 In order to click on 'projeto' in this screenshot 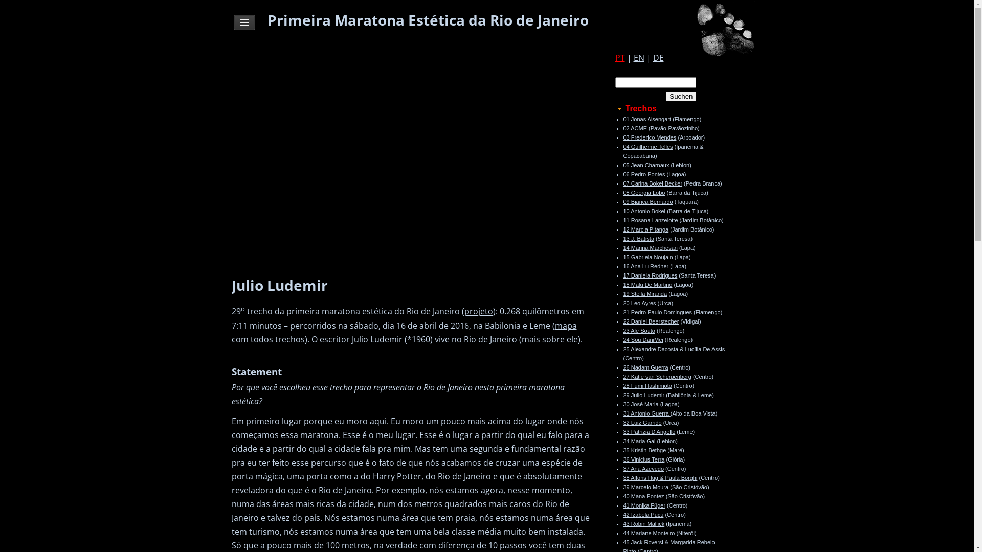, I will do `click(478, 311)`.